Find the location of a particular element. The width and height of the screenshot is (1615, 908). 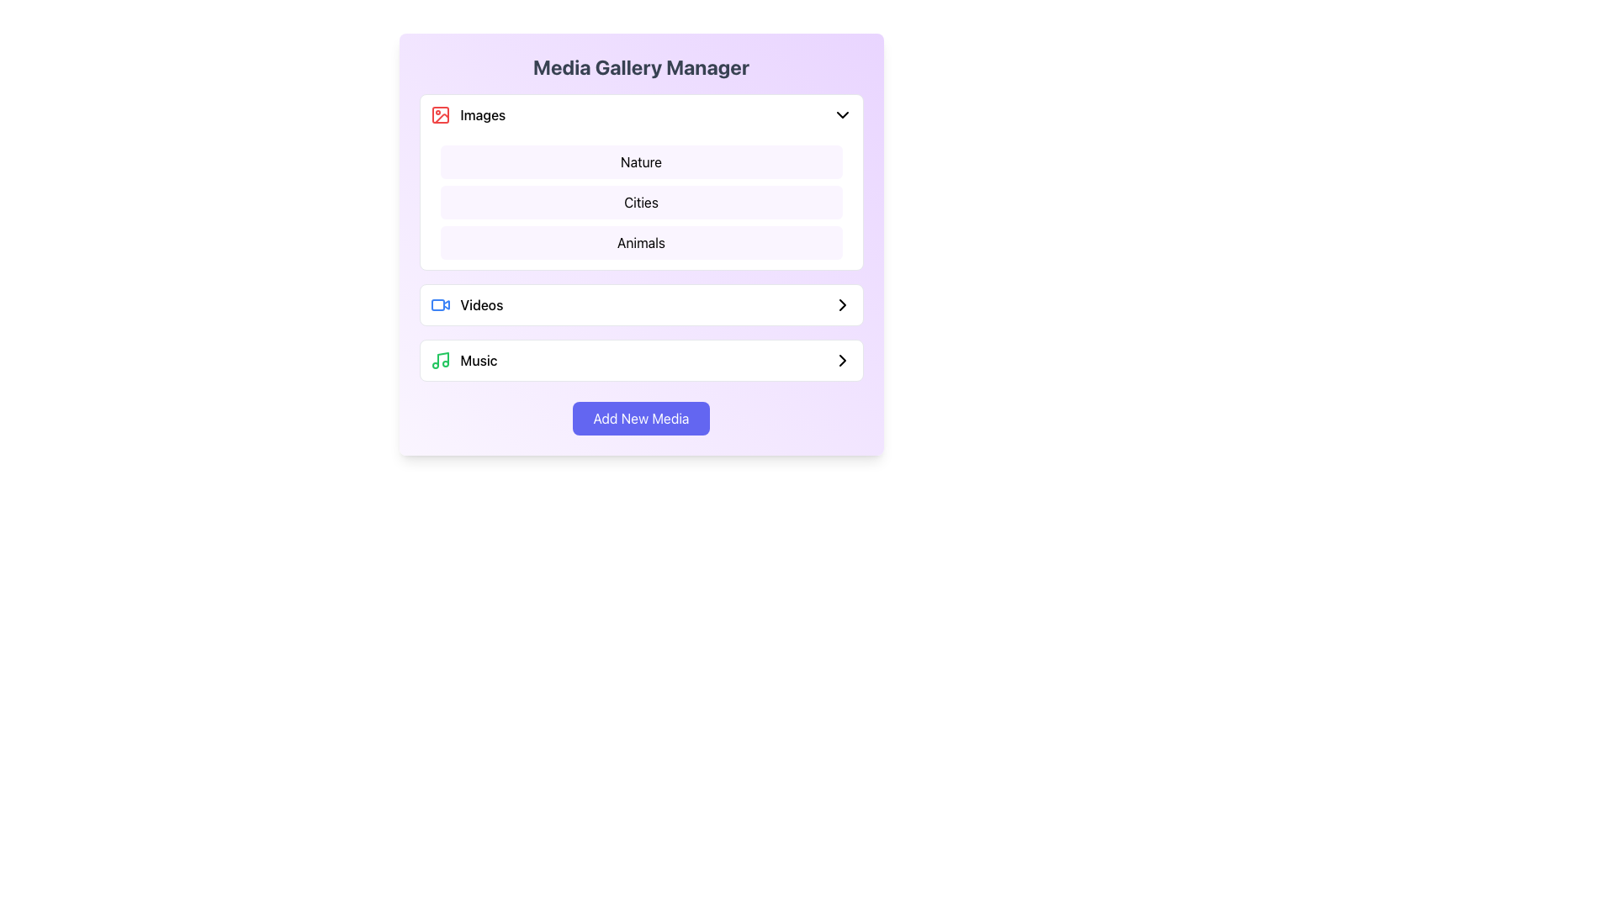

the 'Videos' link, which is located under the 'Media Gallery Manager' header and is part of a menu entry that includes a camera icon and a chevron for navigation is located at coordinates (466, 304).